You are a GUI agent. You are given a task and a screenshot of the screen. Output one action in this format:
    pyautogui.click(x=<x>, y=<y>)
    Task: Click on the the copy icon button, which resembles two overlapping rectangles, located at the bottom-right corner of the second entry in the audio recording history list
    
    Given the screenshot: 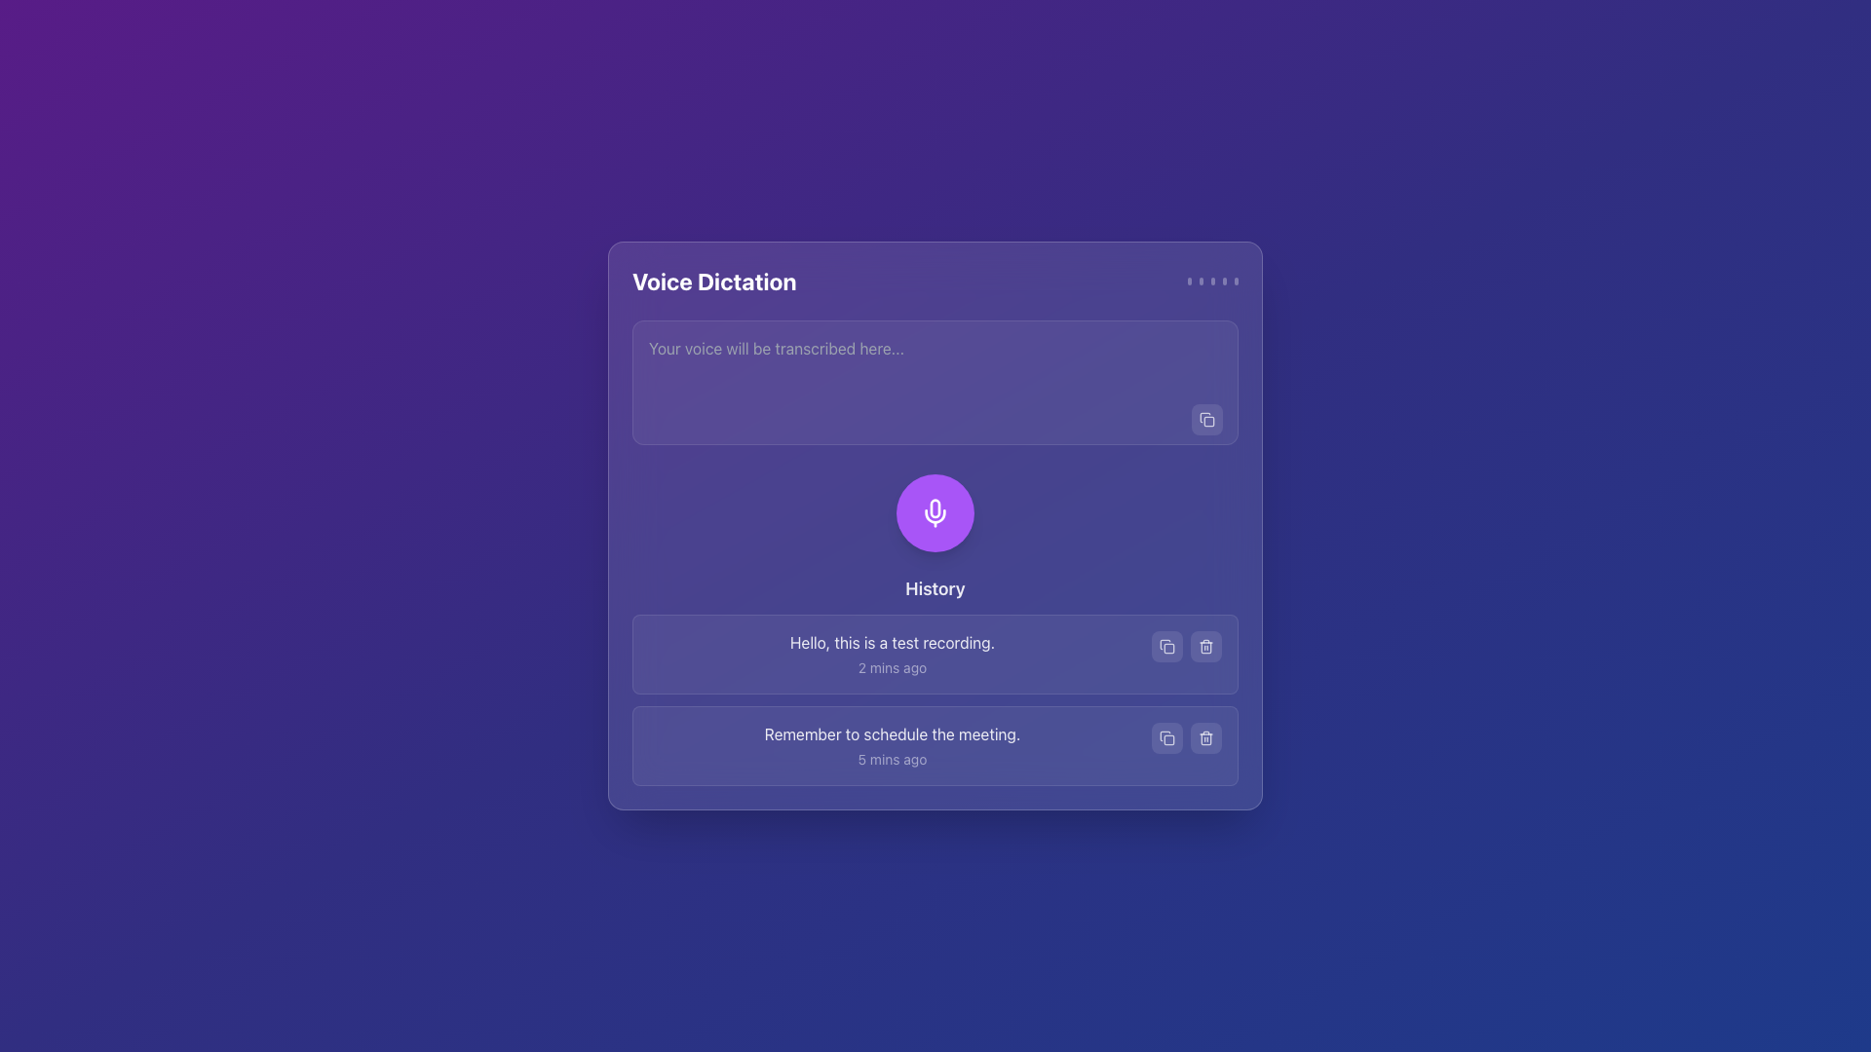 What is the action you would take?
    pyautogui.click(x=1167, y=738)
    